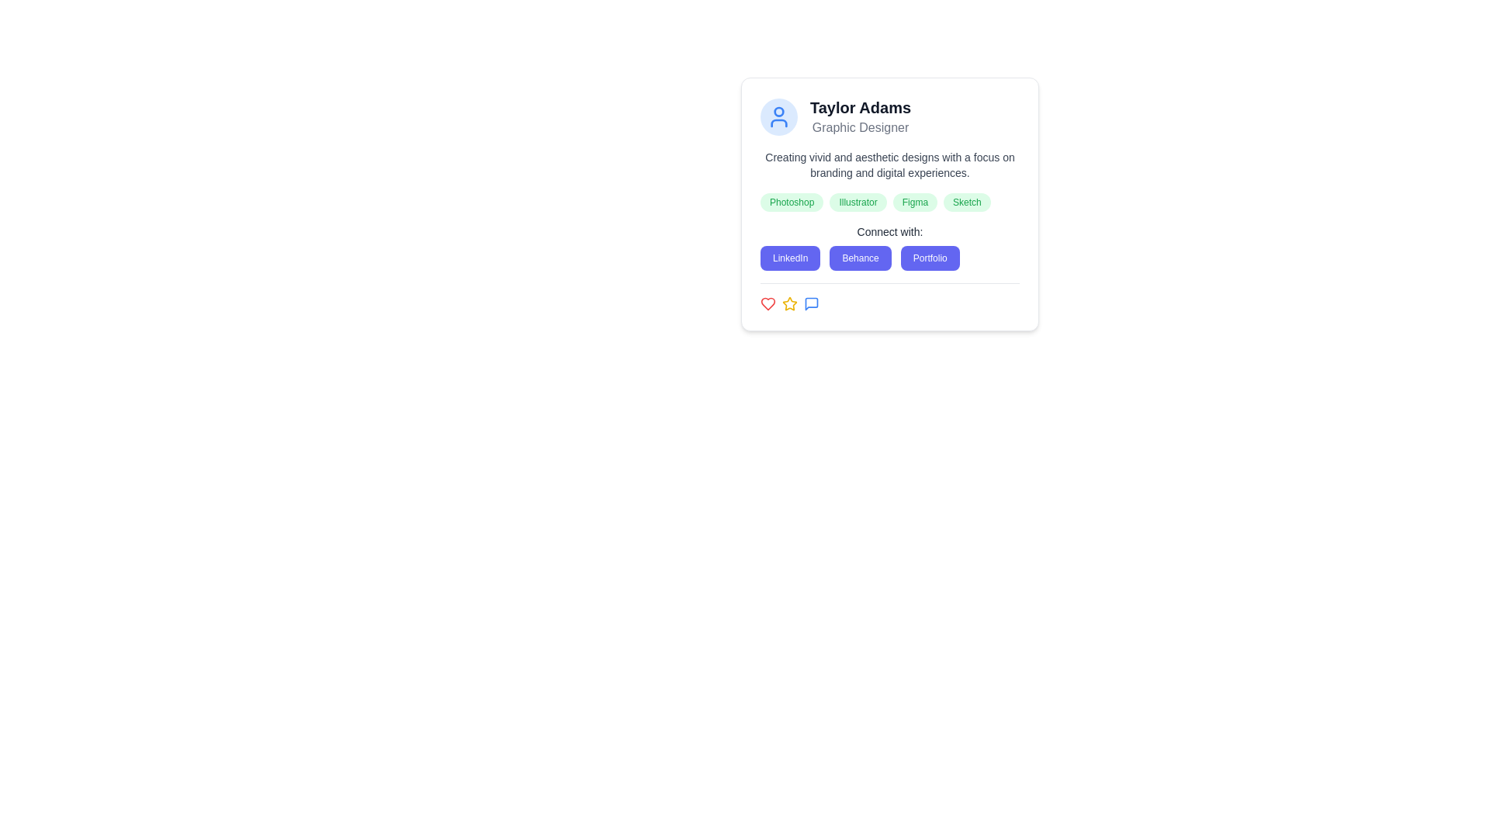  I want to click on the third icon in the horizontally aligned group at the bottom of the user profile card, so click(811, 304).